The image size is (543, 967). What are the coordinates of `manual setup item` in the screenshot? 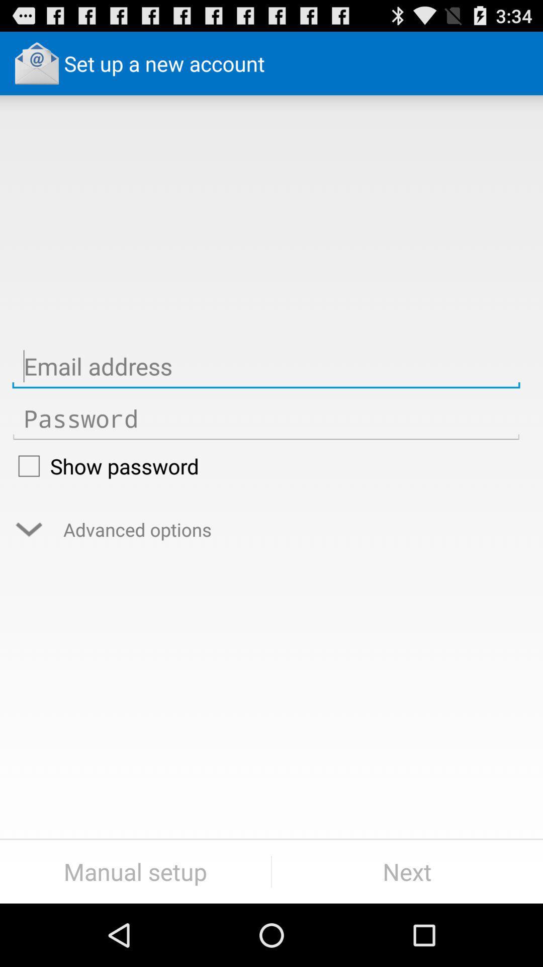 It's located at (135, 871).